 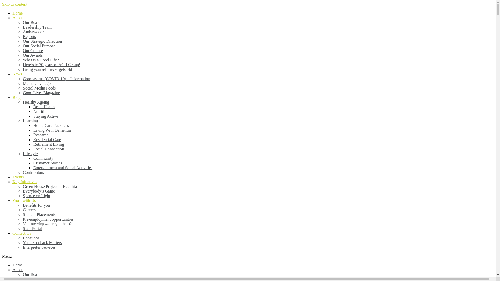 What do you see at coordinates (47, 69) in the screenshot?
I see `'Being yourself never gets old'` at bounding box center [47, 69].